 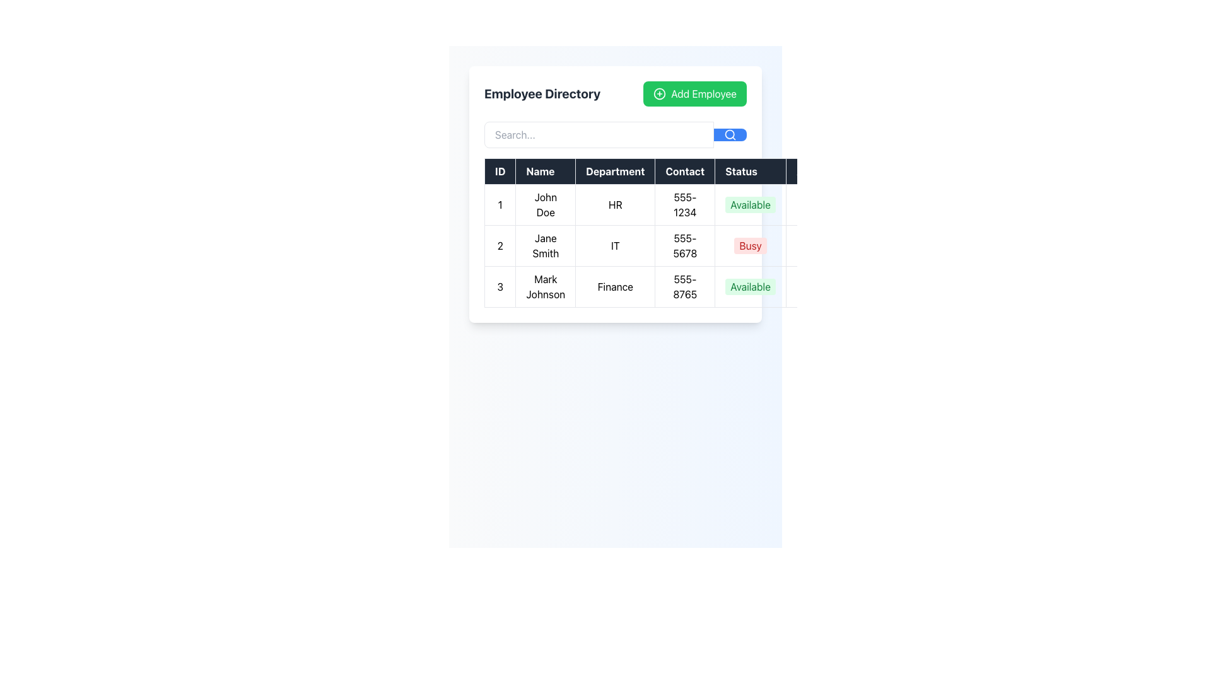 I want to click on the text label displaying 'John Doe', which is styled with centered alignment and surrounded by a border, located in the 'Name' column of the table, positioned between ID number '1' and department 'HR', so click(x=546, y=204).